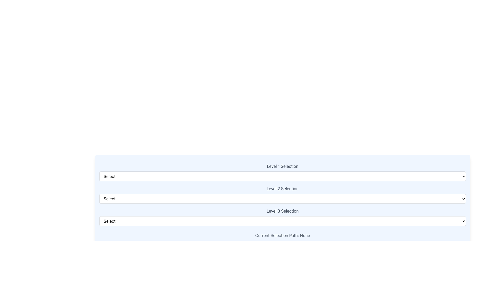  What do you see at coordinates (282, 195) in the screenshot?
I see `the dropdown menu for selecting 'Level 2', which is located between 'Level 1 Selection' and 'Level 3 Selection'` at bounding box center [282, 195].